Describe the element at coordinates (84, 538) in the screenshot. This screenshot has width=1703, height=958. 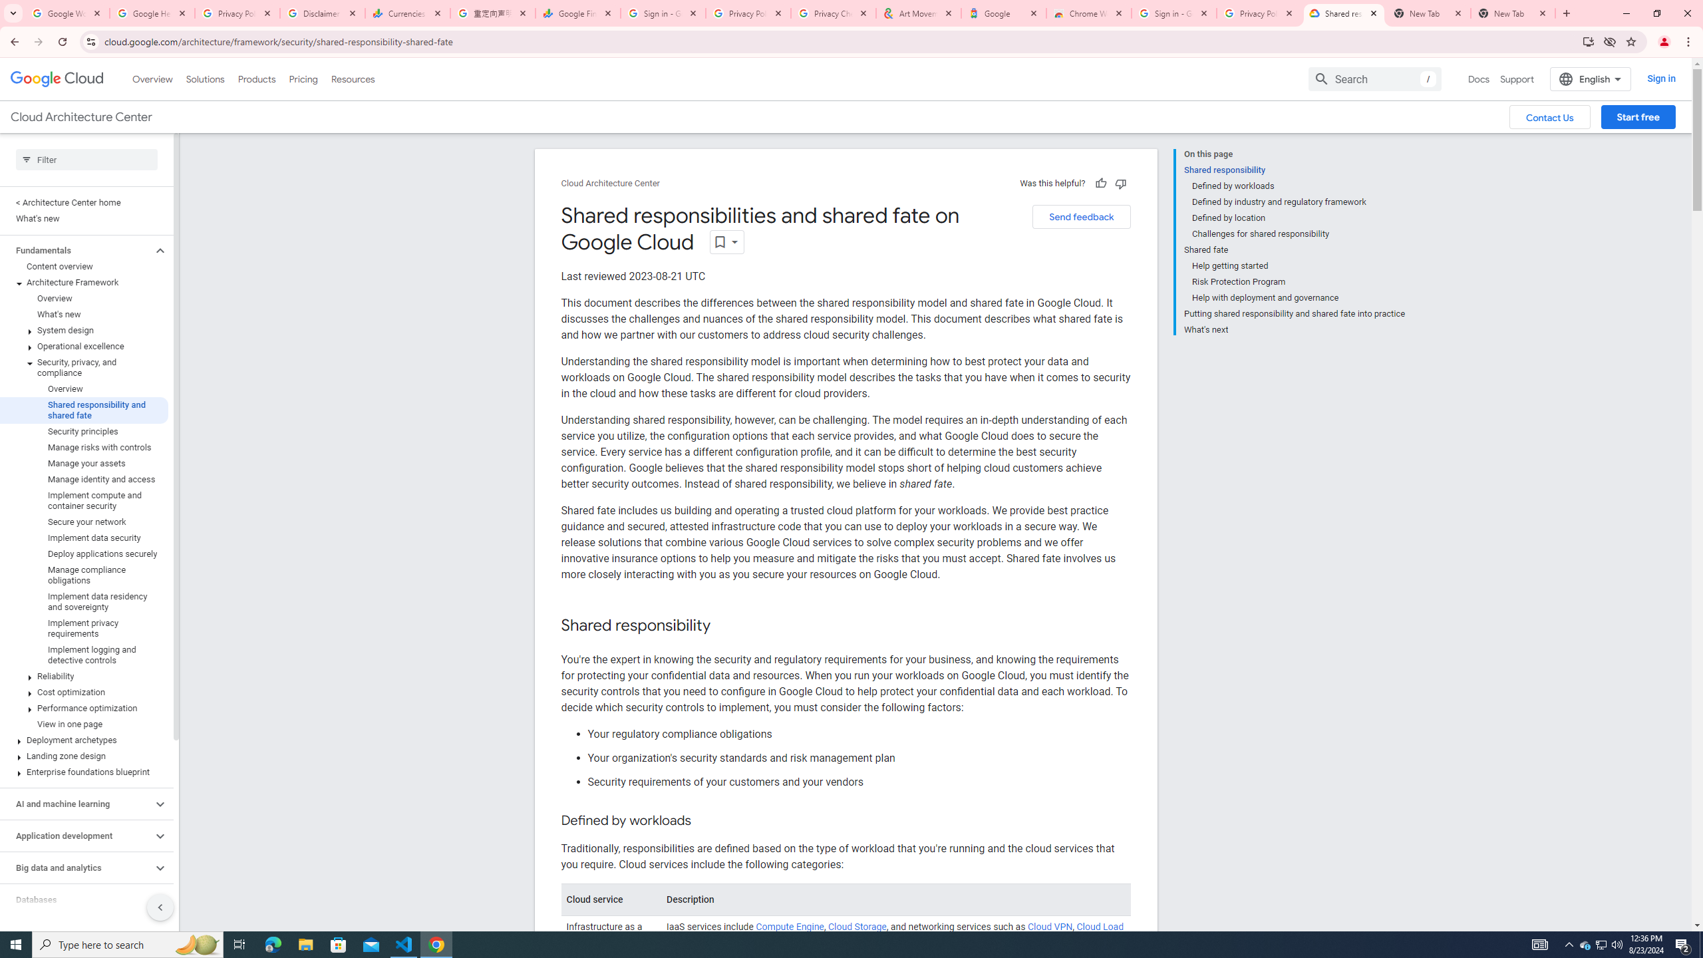
I see `'Implement data security'` at that location.